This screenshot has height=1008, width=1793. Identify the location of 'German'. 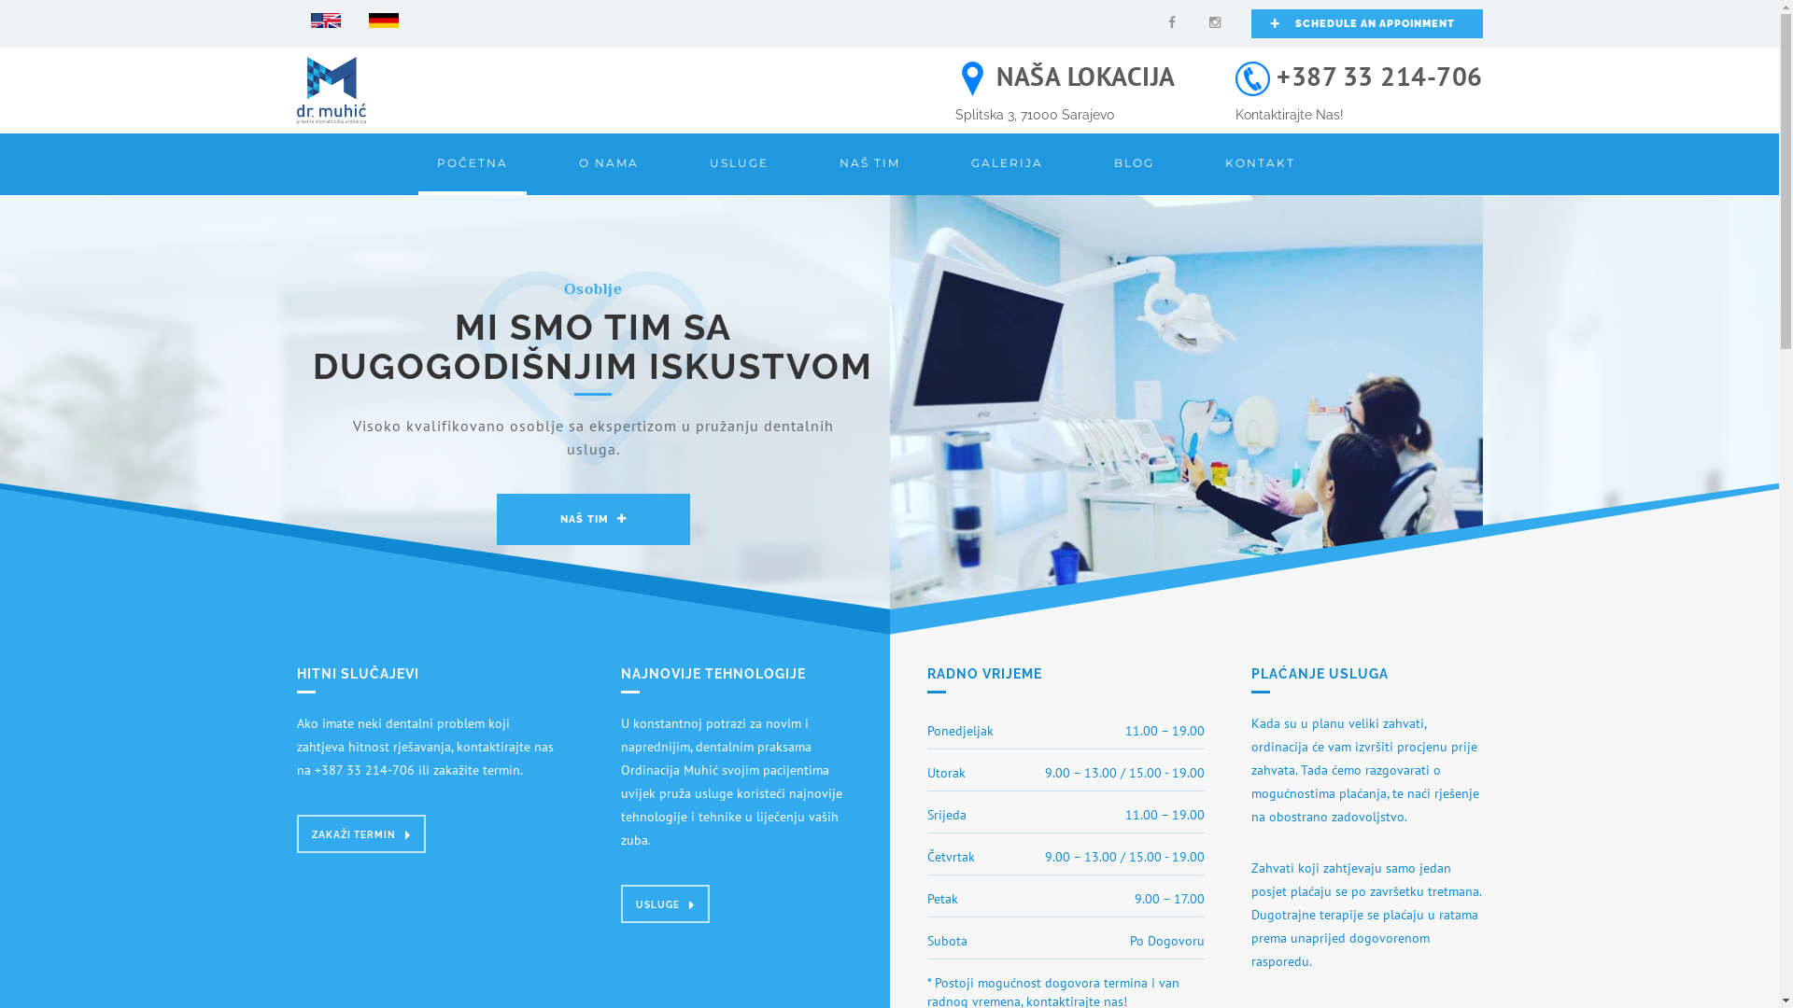
(381, 18).